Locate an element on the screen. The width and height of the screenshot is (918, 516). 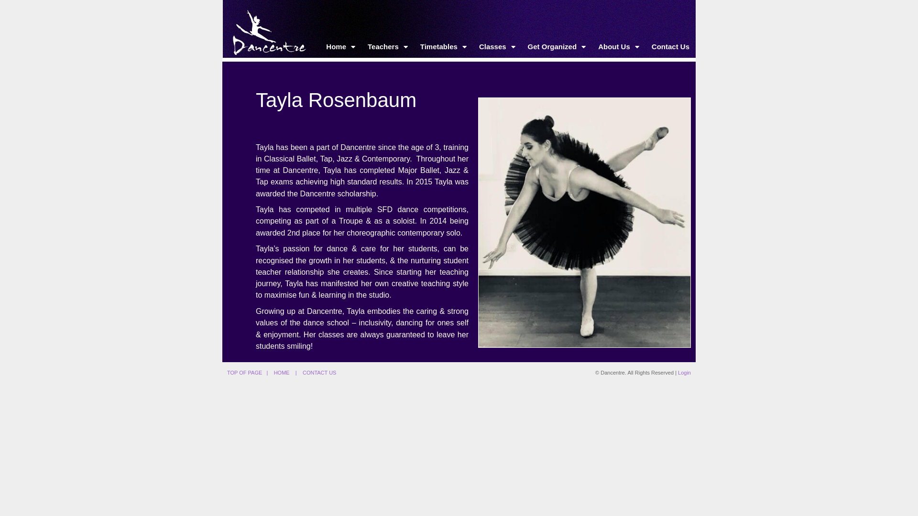
'Timetables' is located at coordinates (443, 46).